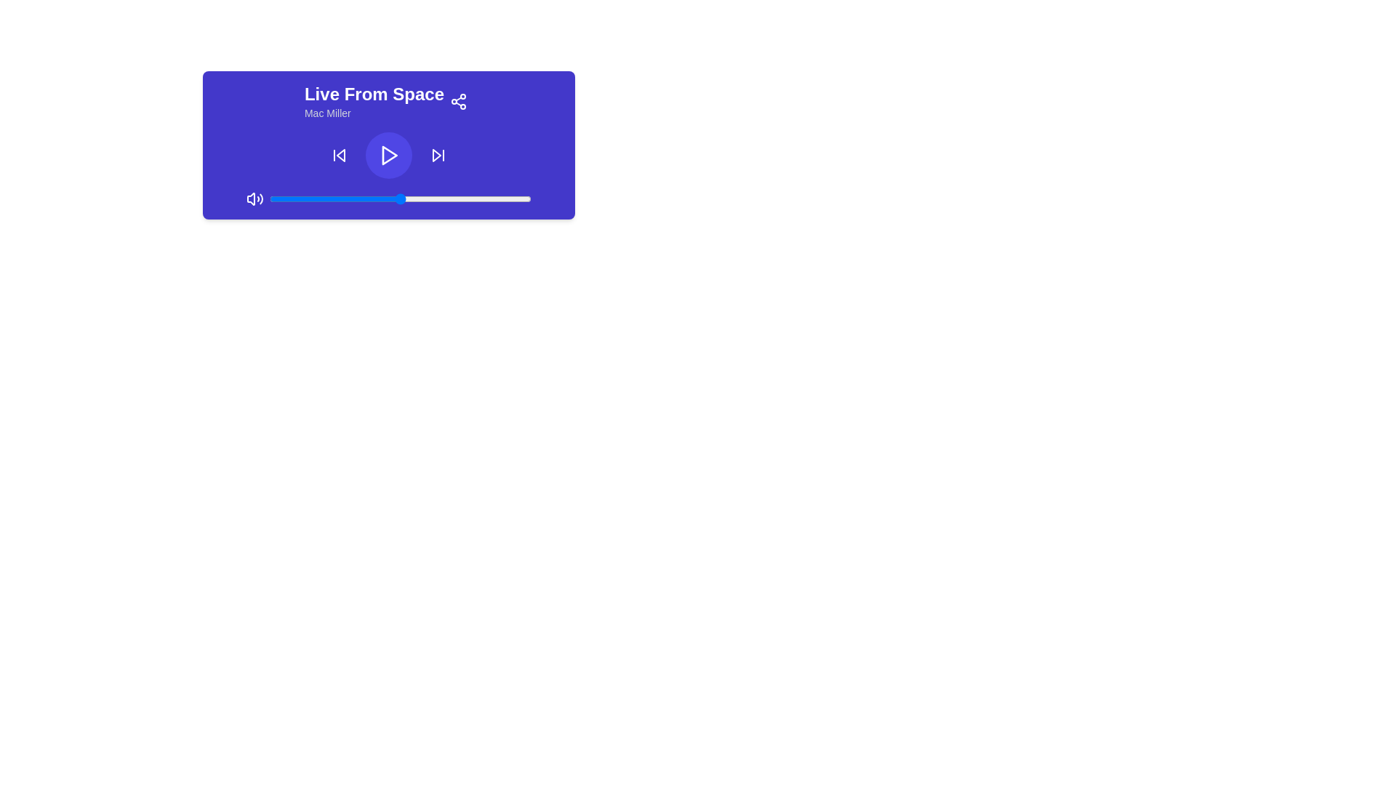 This screenshot has width=1396, height=785. What do you see at coordinates (310, 198) in the screenshot?
I see `the slider value` at bounding box center [310, 198].